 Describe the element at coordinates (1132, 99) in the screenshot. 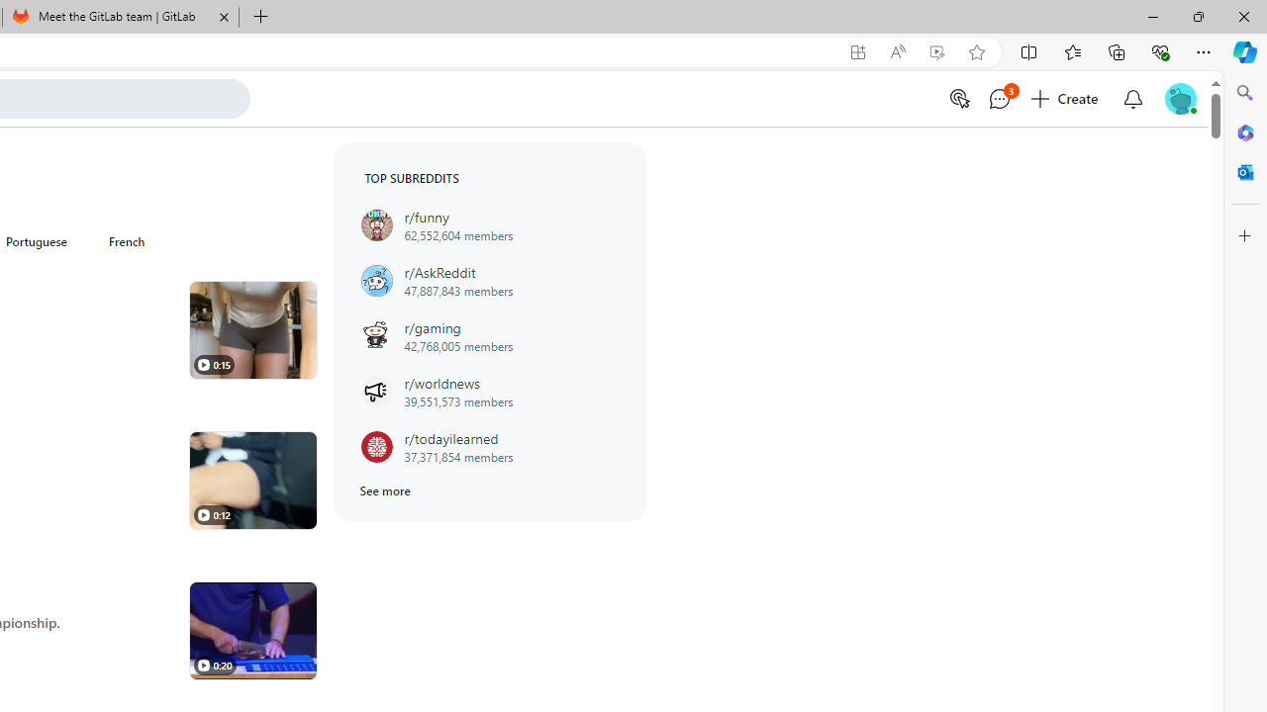

I see `'Open inbox'` at that location.